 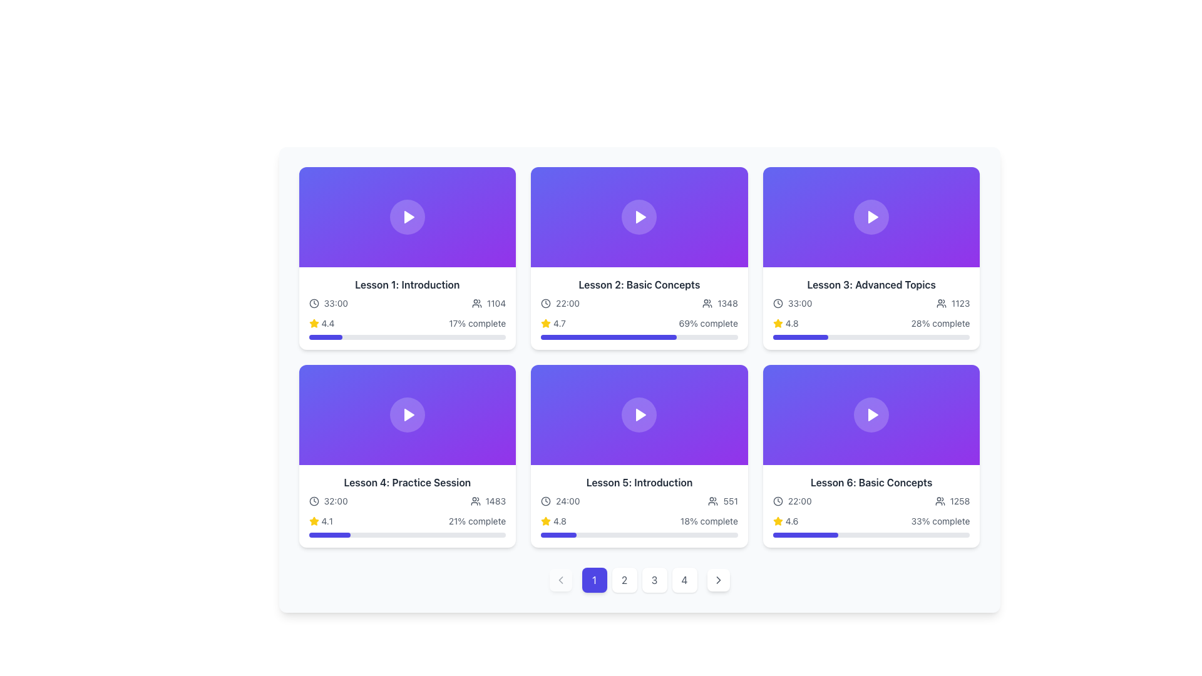 I want to click on the progress indicator for 'Lesson 4: Practice Session' located at the bottom right section of the card, which displays the lesson's completion status, so click(x=407, y=526).